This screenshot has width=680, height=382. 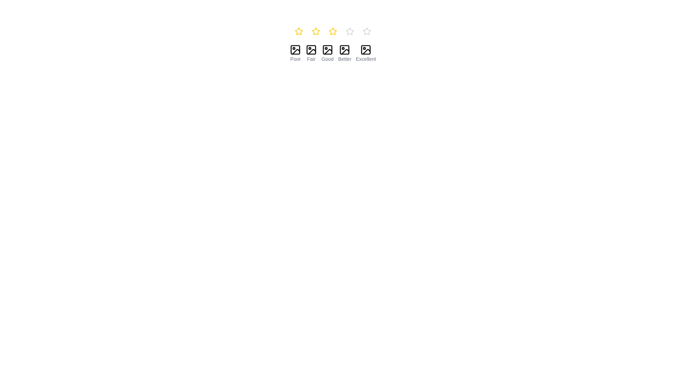 I want to click on the 'Better' rating option, which is the fourth item in a horizontal layout of five rating options, so click(x=345, y=53).